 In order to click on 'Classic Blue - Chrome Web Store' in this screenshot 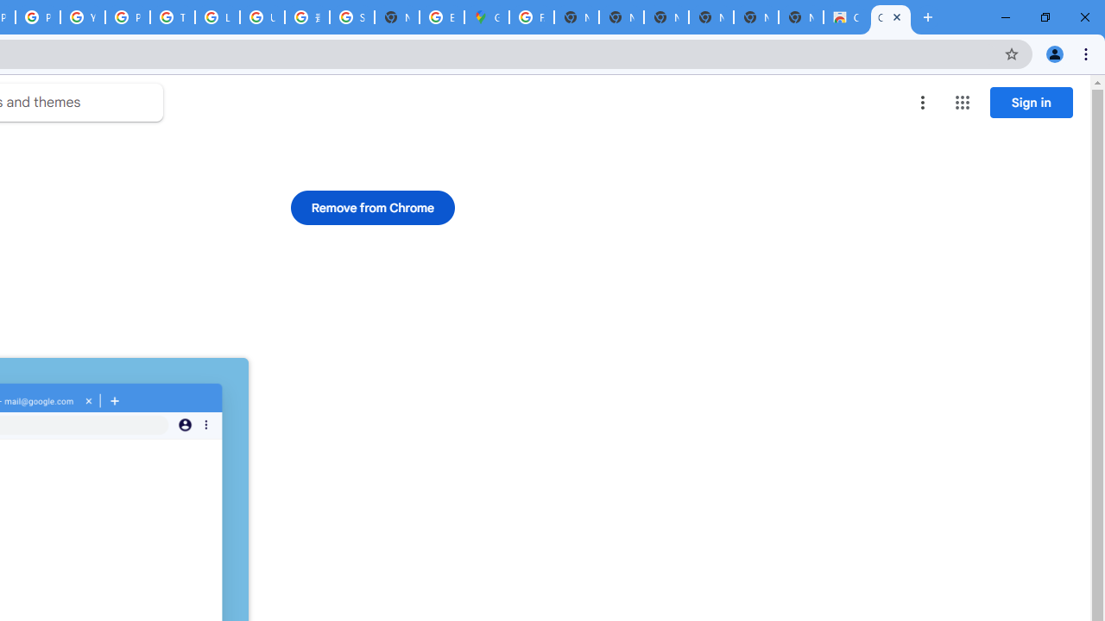, I will do `click(891, 17)`.